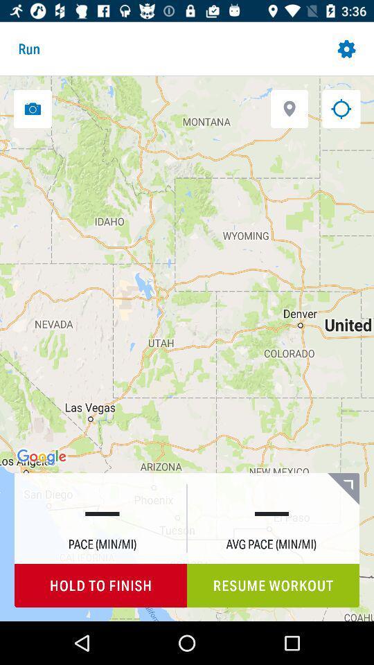 The height and width of the screenshot is (665, 374). Describe the element at coordinates (289, 108) in the screenshot. I see `use satellite autolocation` at that location.